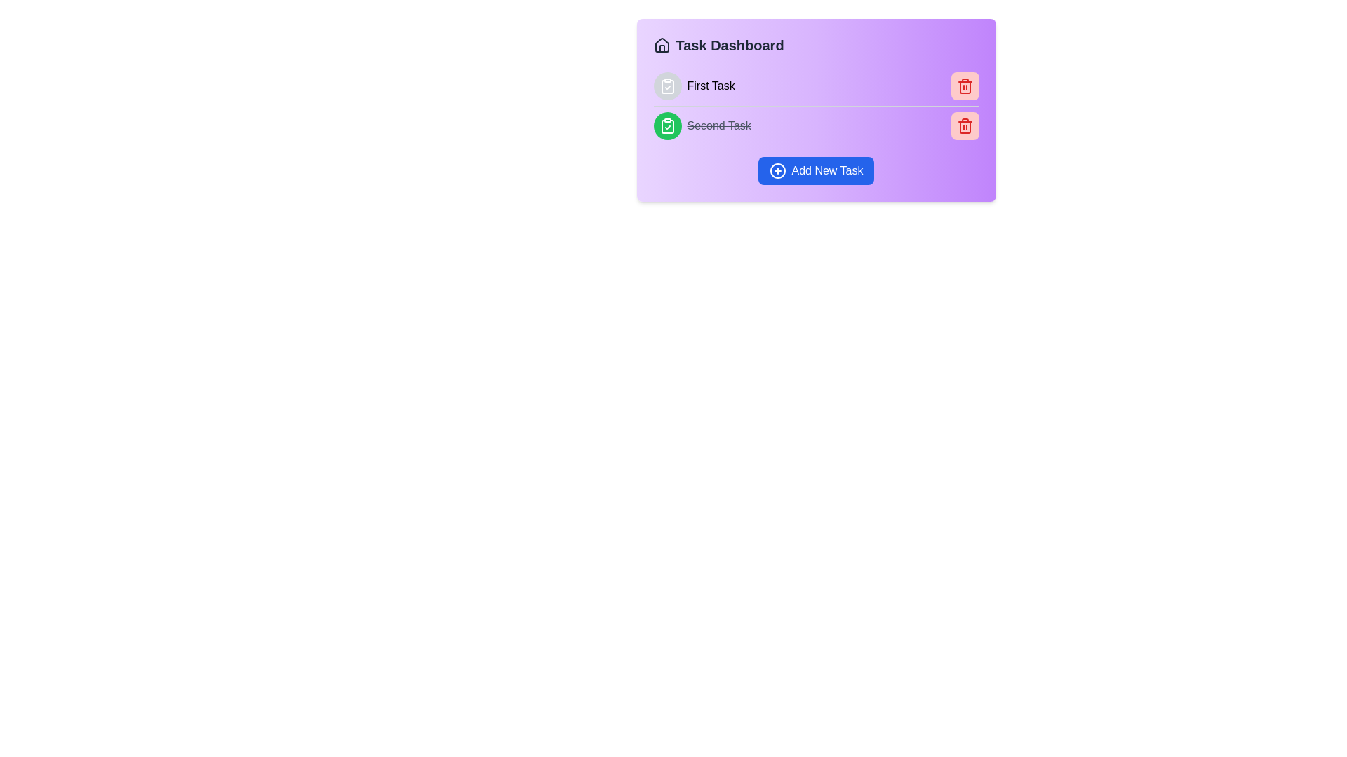  I want to click on the List item labeled 'First Task' which includes a clipboard icon with a checkmark, located below the 'Task Dashboard' heading, so click(694, 86).